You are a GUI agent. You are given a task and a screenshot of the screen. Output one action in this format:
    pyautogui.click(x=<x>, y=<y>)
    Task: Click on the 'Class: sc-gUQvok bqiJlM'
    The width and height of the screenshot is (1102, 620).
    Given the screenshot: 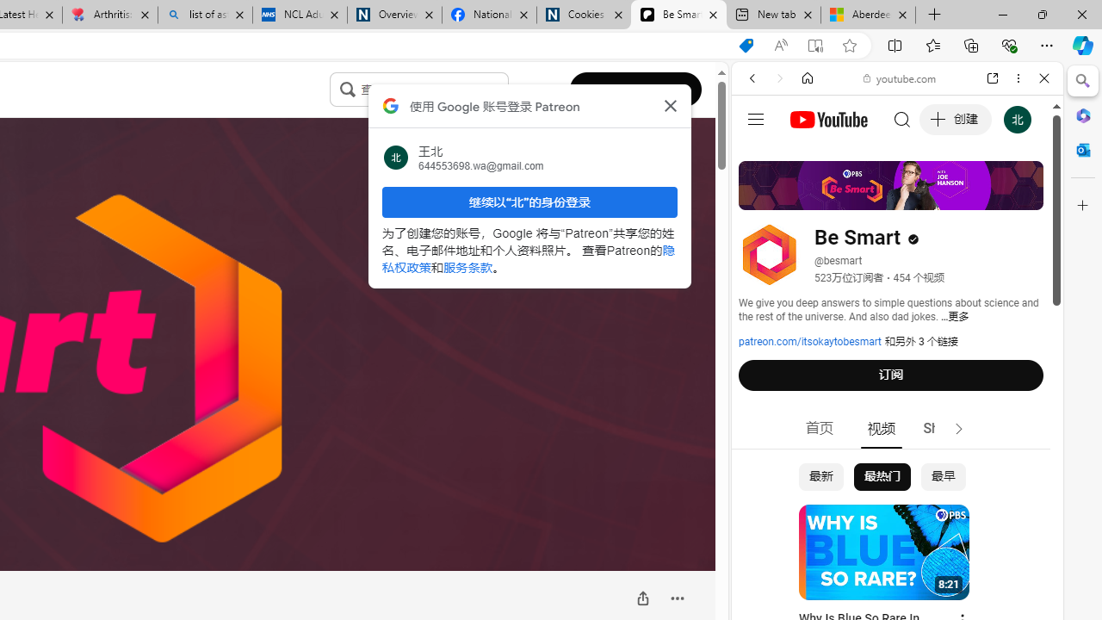 What is the action you would take?
    pyautogui.click(x=503, y=90)
    